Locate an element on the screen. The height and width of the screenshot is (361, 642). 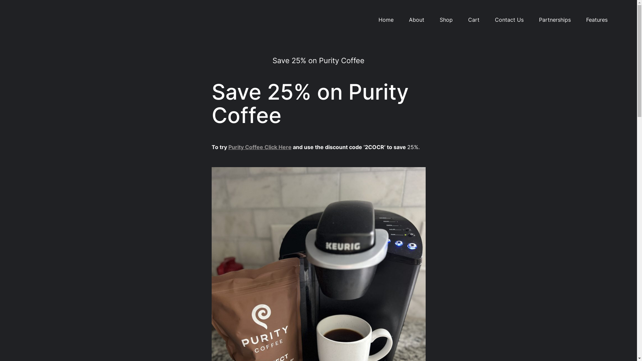
'Contact Us' is located at coordinates (509, 19).